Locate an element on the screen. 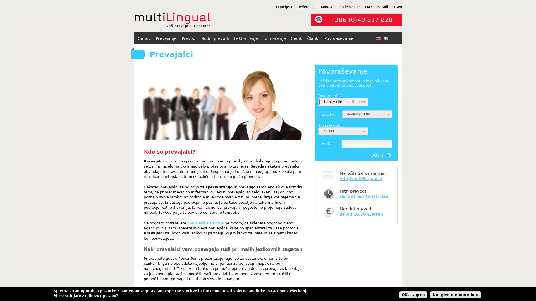 This screenshot has width=536, height=301. Choose File is located at coordinates (332, 102).